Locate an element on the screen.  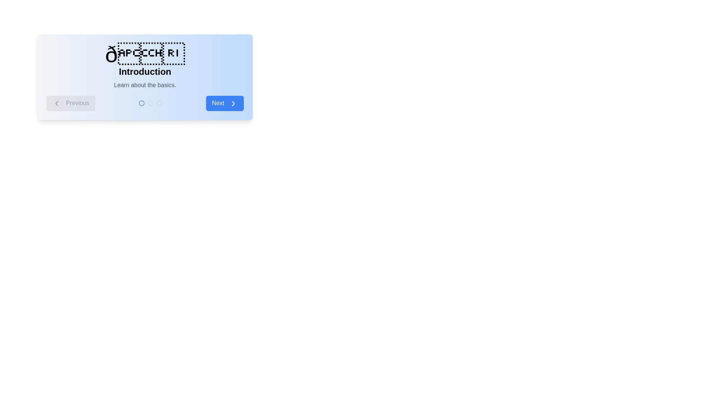
the 'Next' button to navigate to the next step is located at coordinates (224, 103).